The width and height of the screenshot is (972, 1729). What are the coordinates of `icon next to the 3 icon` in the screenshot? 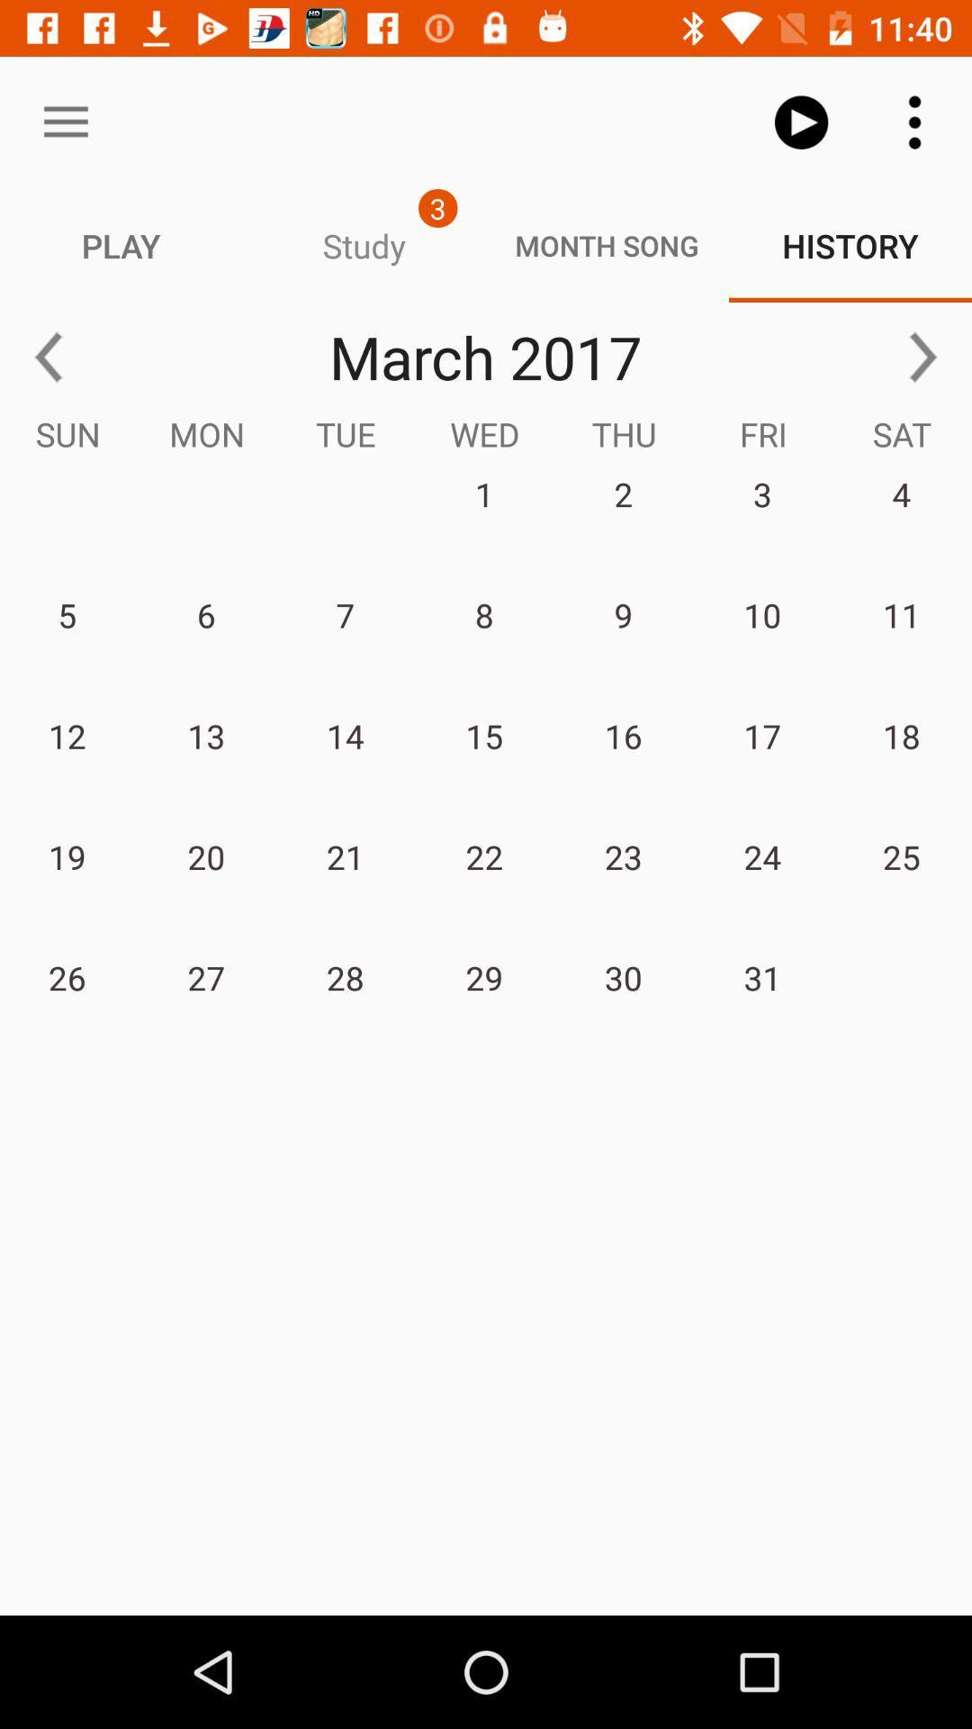 It's located at (65, 122).